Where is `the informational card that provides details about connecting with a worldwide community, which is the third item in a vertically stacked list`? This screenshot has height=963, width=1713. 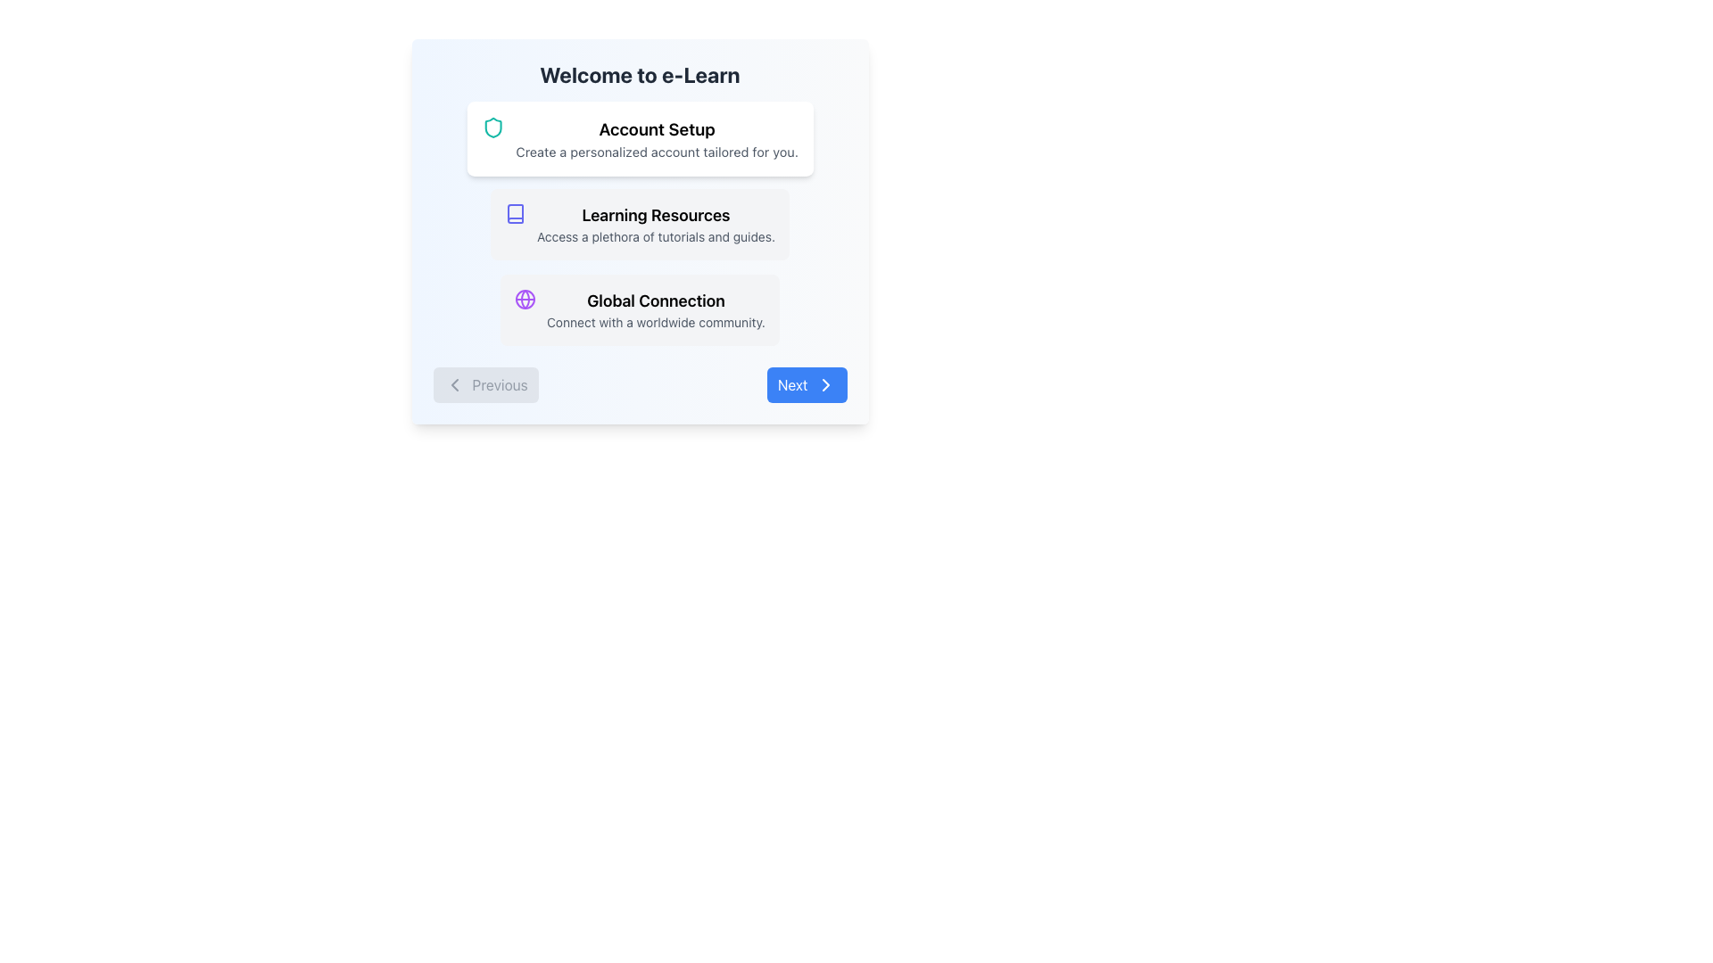
the informational card that provides details about connecting with a worldwide community, which is the third item in a vertically stacked list is located at coordinates (640, 309).